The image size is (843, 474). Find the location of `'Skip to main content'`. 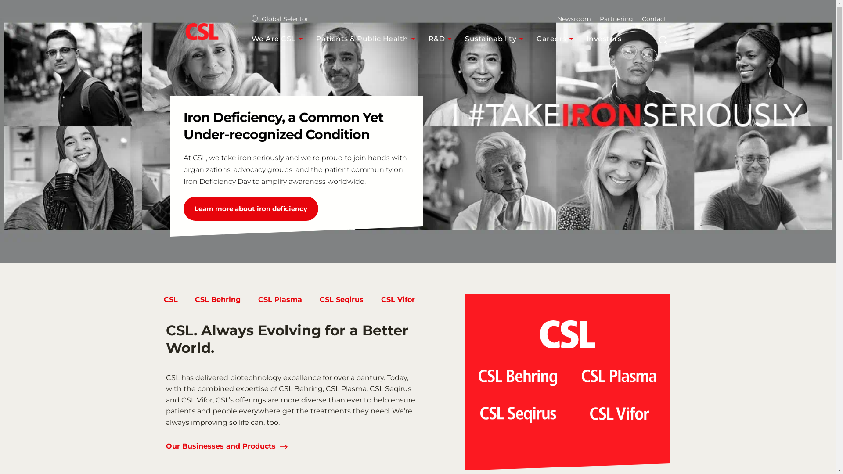

'Skip to main content' is located at coordinates (0, 0).